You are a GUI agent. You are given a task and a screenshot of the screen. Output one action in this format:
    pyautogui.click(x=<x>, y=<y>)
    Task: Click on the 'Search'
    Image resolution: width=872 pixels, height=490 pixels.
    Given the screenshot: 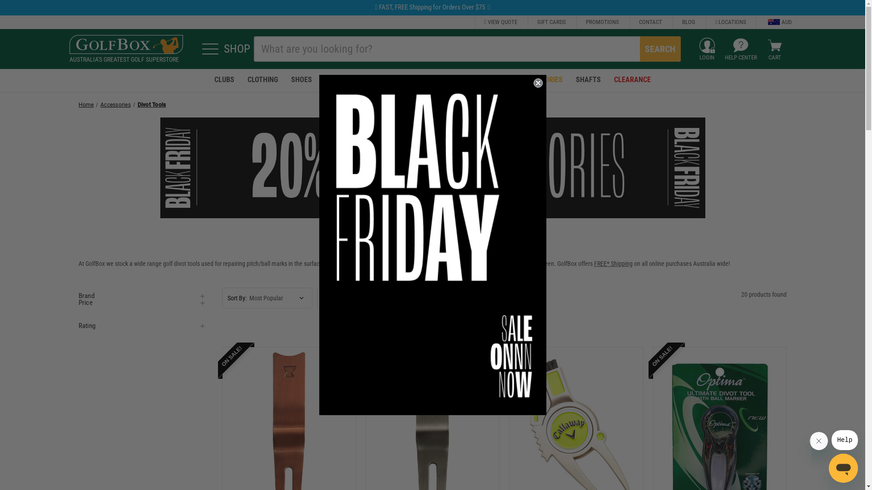 What is the action you would take?
    pyautogui.click(x=639, y=49)
    